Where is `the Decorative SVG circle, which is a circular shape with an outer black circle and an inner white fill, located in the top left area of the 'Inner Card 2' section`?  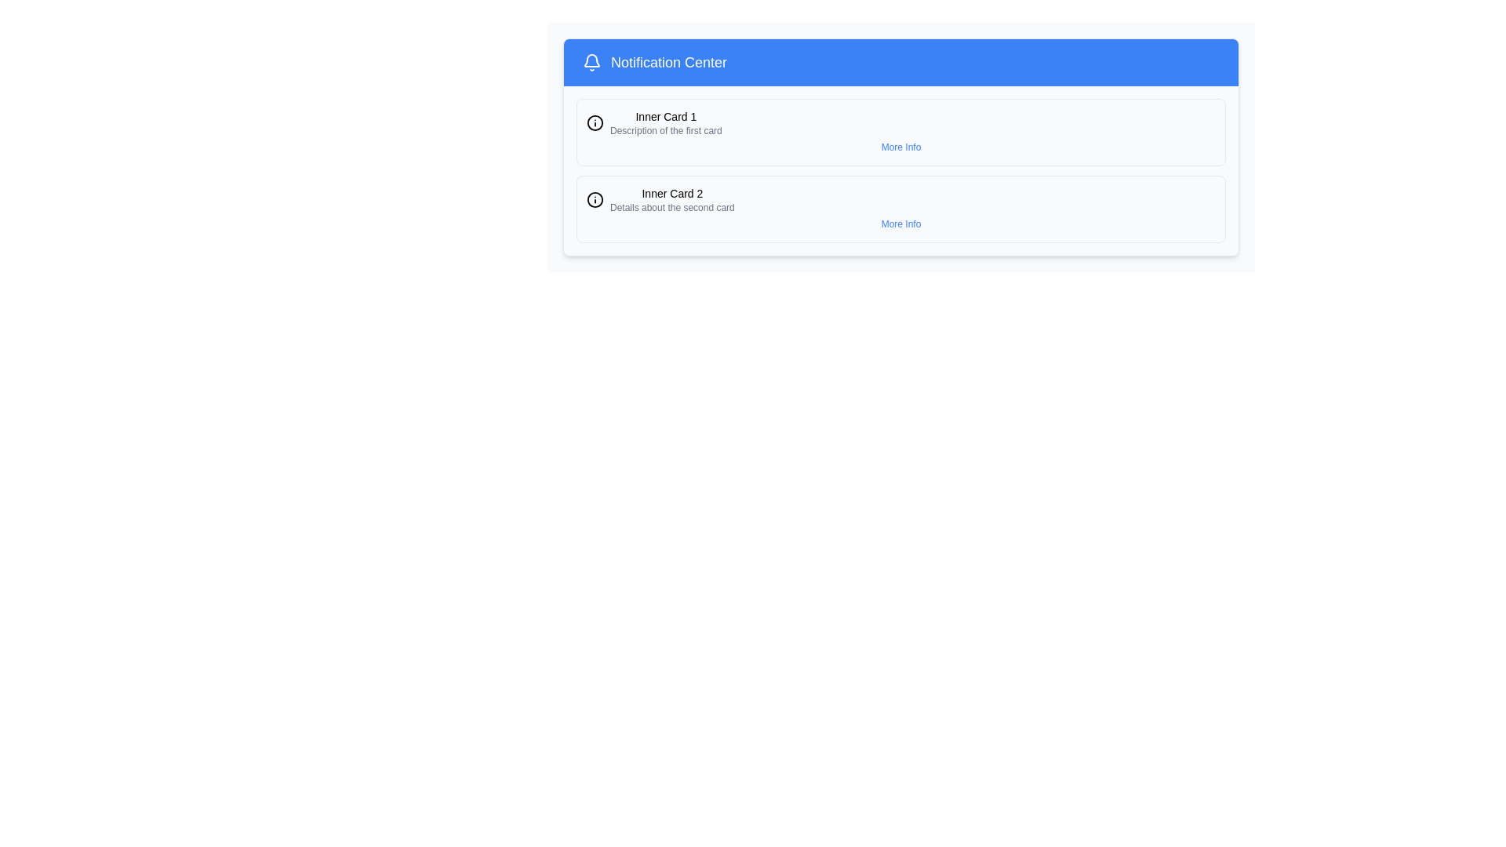 the Decorative SVG circle, which is a circular shape with an outer black circle and an inner white fill, located in the top left area of the 'Inner Card 2' section is located at coordinates (594, 122).